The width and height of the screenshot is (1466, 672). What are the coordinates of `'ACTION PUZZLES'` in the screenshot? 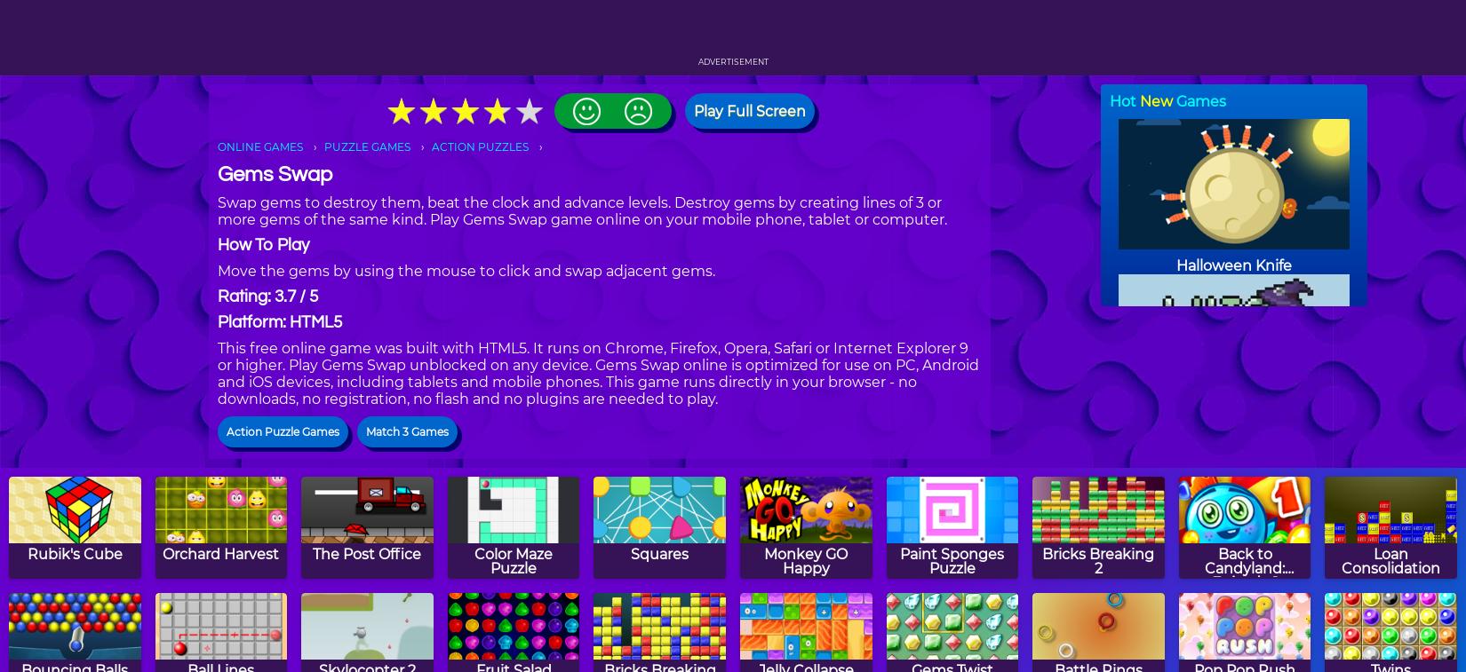 It's located at (479, 146).